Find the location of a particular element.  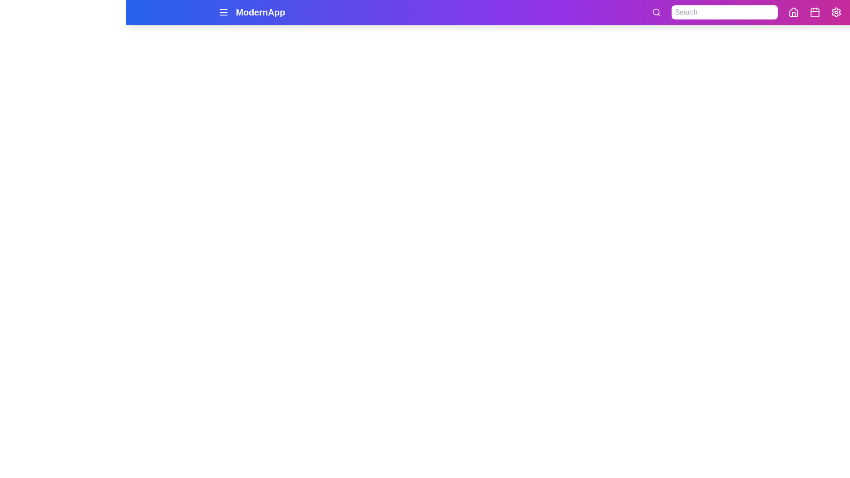

the gear icon located in the purple top navigation bar at the rightmost end is located at coordinates (836, 12).